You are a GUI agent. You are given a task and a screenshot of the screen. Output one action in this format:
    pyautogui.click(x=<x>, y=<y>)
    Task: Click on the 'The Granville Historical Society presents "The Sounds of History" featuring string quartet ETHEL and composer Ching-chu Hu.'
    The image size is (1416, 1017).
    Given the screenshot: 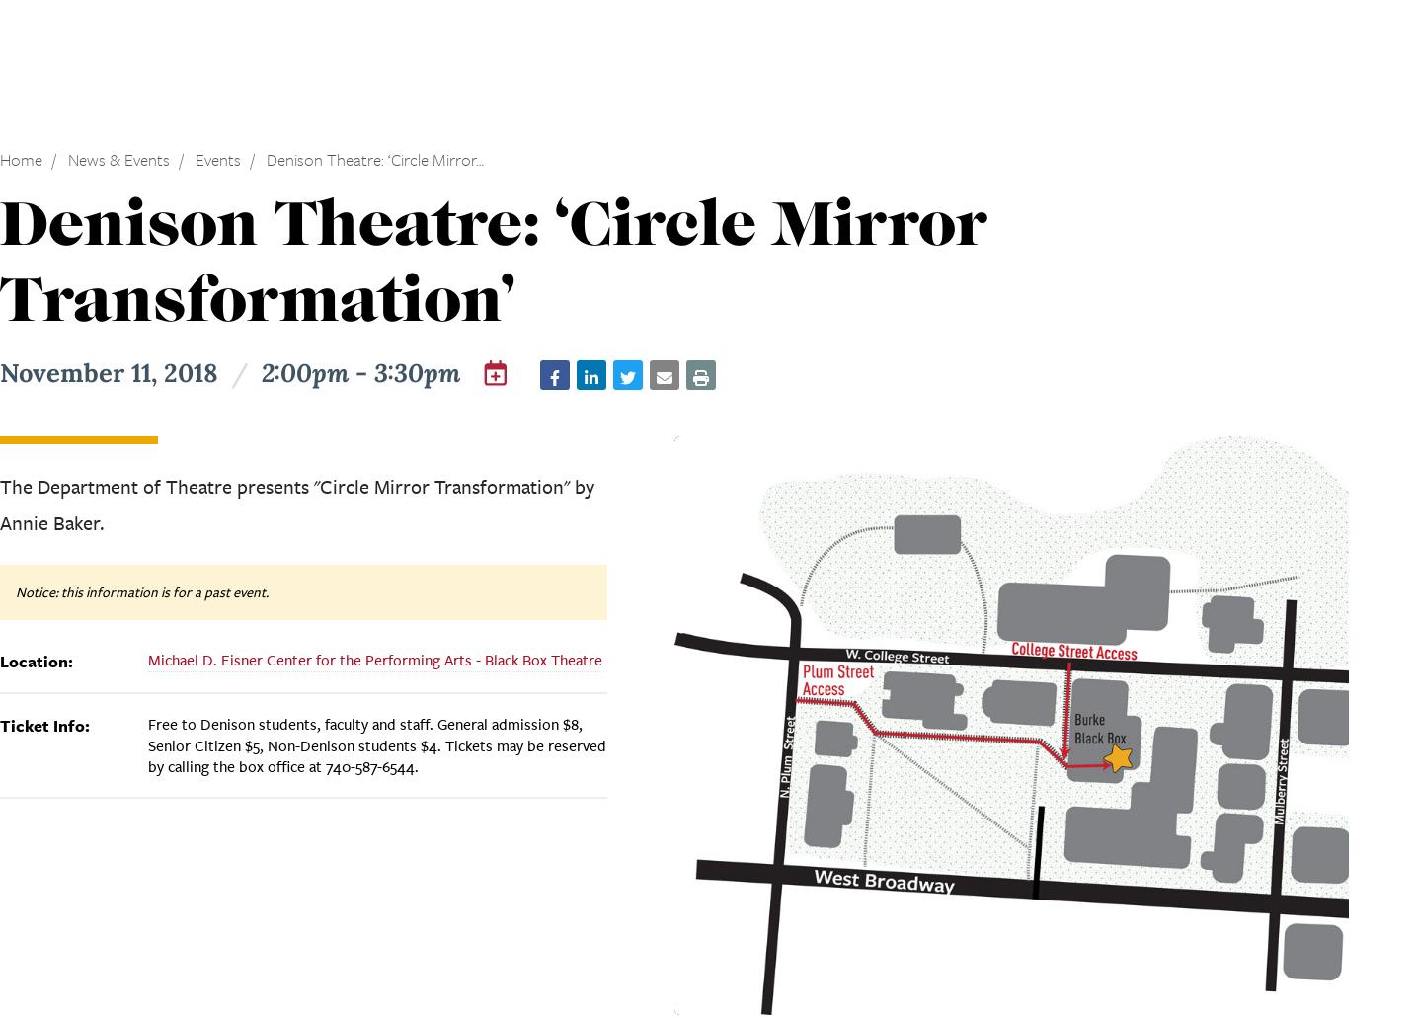 What is the action you would take?
    pyautogui.click(x=369, y=285)
    